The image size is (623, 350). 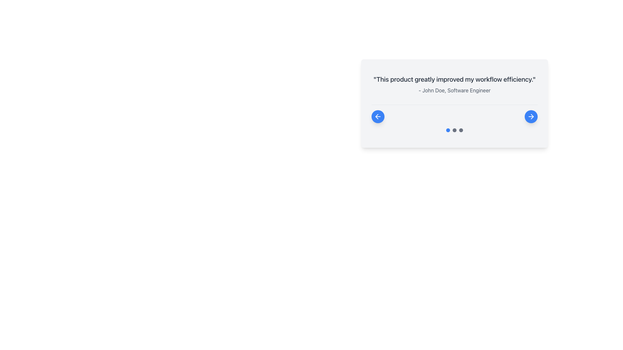 What do you see at coordinates (378, 116) in the screenshot?
I see `the circular navigation button located on the left side at the bottom of the testimonial card` at bounding box center [378, 116].